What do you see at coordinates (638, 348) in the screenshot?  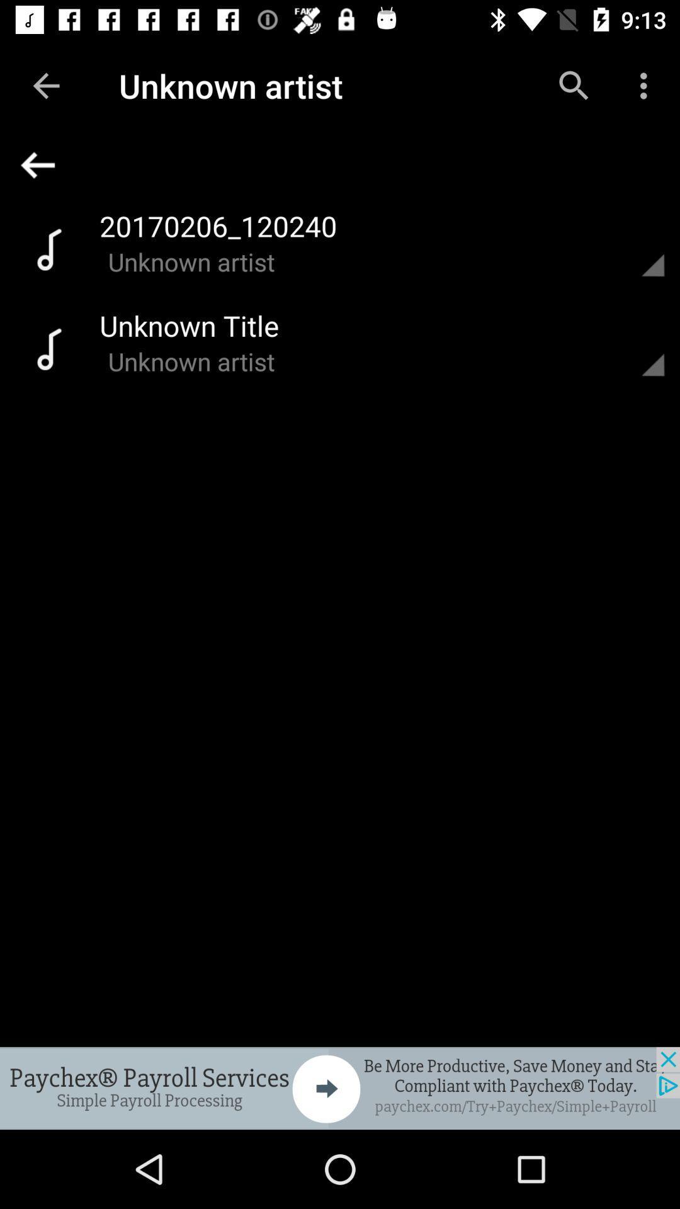 I see `previous` at bounding box center [638, 348].